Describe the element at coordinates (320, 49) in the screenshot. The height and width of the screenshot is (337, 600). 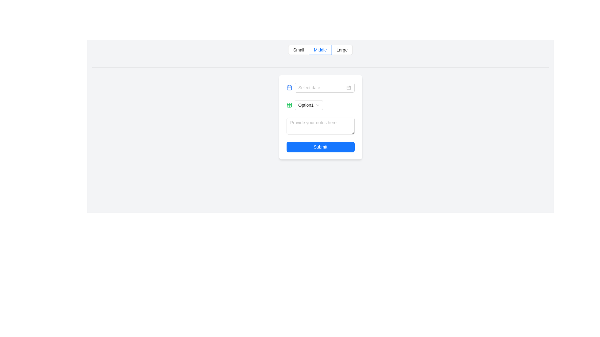
I see `the radio button group which includes 'Small', 'Middle', and 'Large' radio buttons` at that location.